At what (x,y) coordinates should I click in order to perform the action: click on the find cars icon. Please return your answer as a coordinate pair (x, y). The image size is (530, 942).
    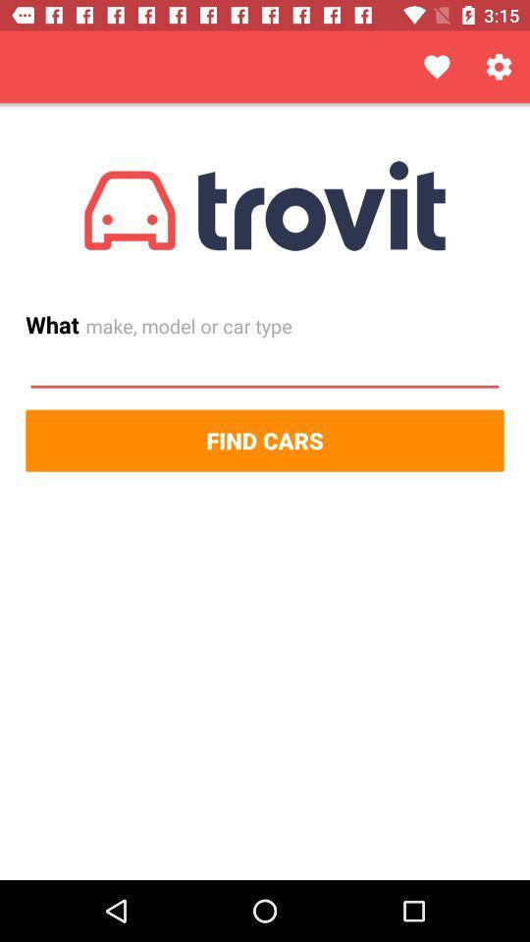
    Looking at the image, I should click on (265, 441).